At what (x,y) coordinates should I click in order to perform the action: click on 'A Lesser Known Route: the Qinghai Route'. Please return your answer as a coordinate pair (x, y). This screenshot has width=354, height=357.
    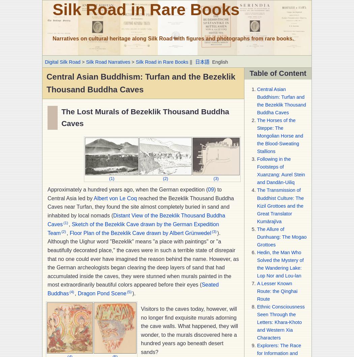
    Looking at the image, I should click on (277, 291).